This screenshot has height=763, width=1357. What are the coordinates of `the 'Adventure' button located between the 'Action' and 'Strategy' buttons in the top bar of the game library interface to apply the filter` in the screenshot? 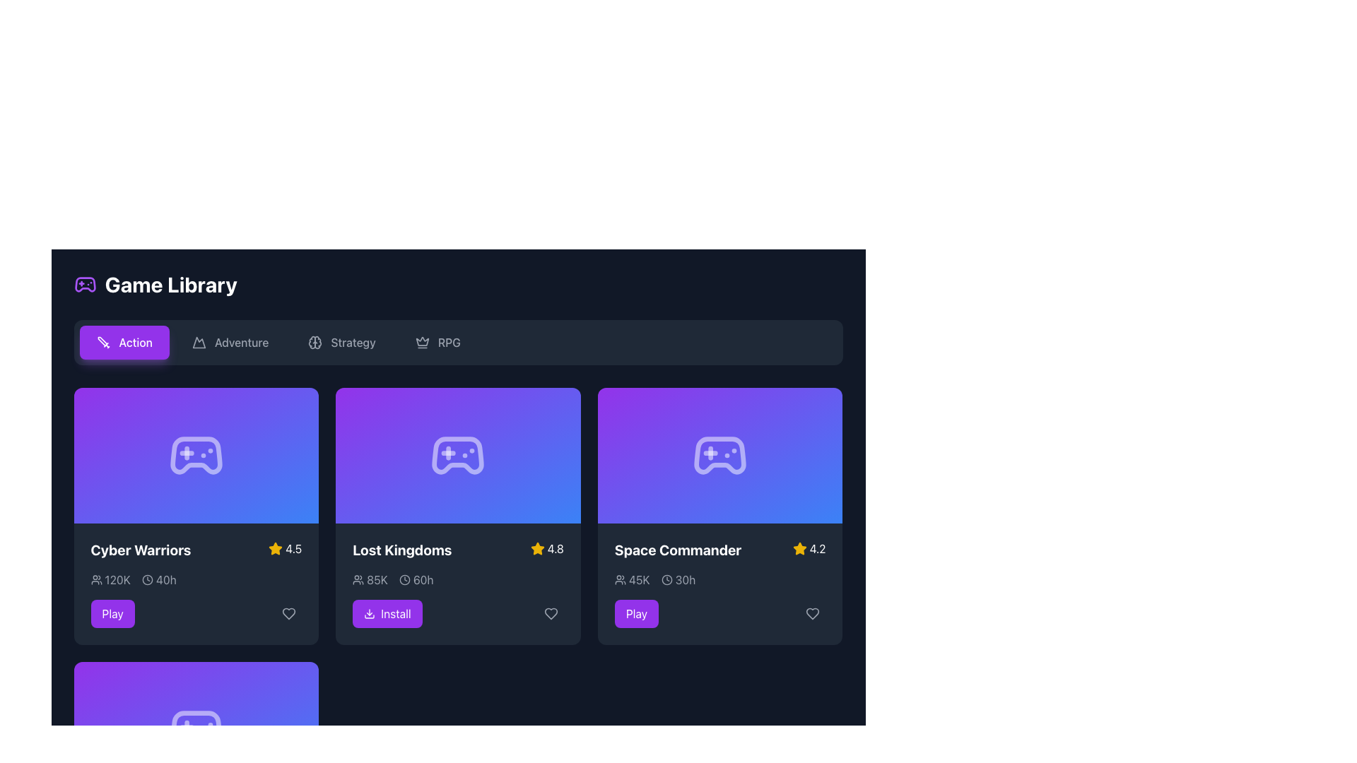 It's located at (230, 343).